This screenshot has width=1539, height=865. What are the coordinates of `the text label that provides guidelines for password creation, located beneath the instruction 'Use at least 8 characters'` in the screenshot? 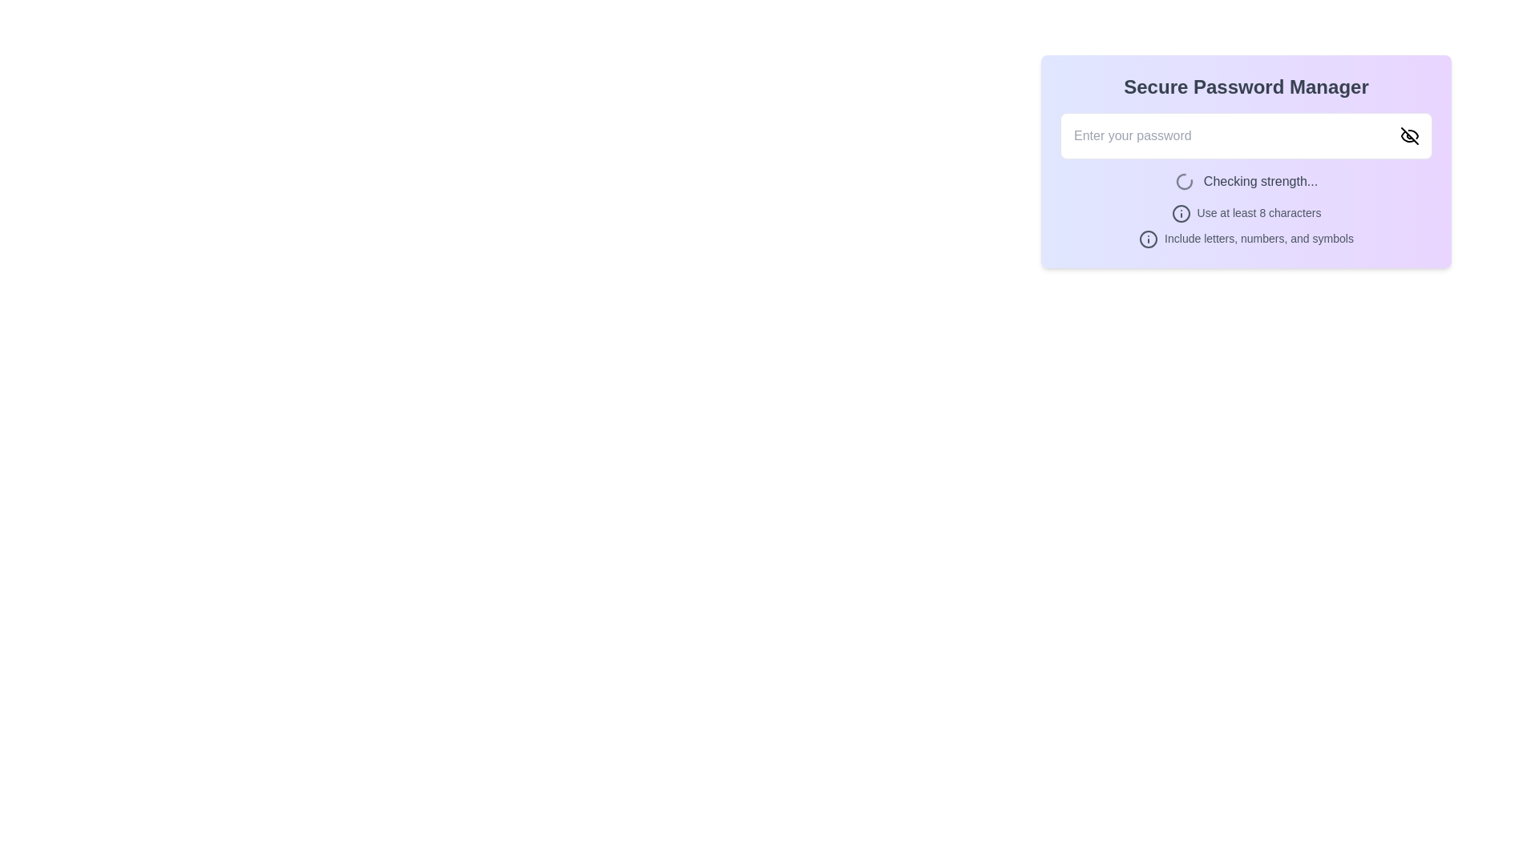 It's located at (1246, 239).